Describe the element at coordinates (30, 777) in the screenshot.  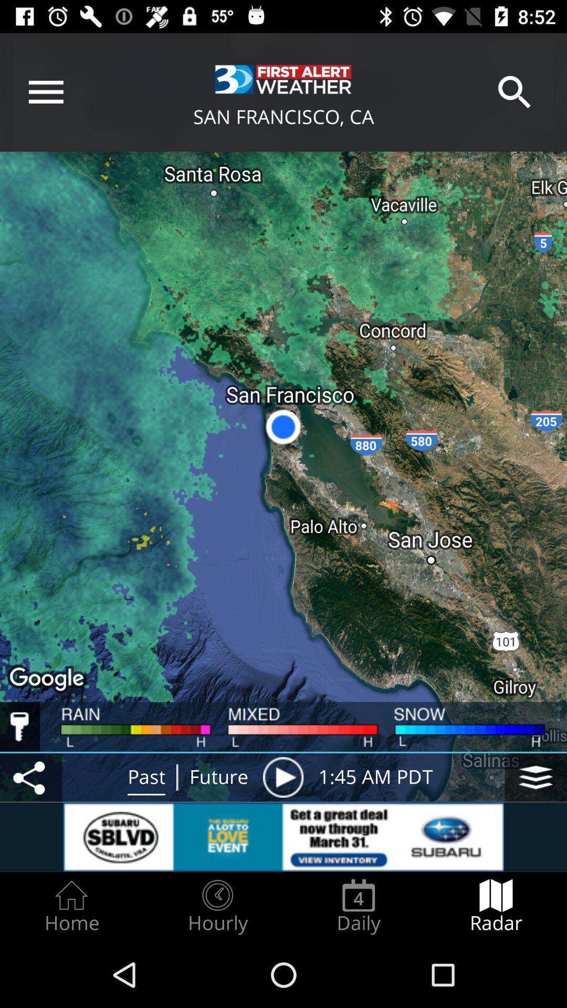
I see `share button` at that location.